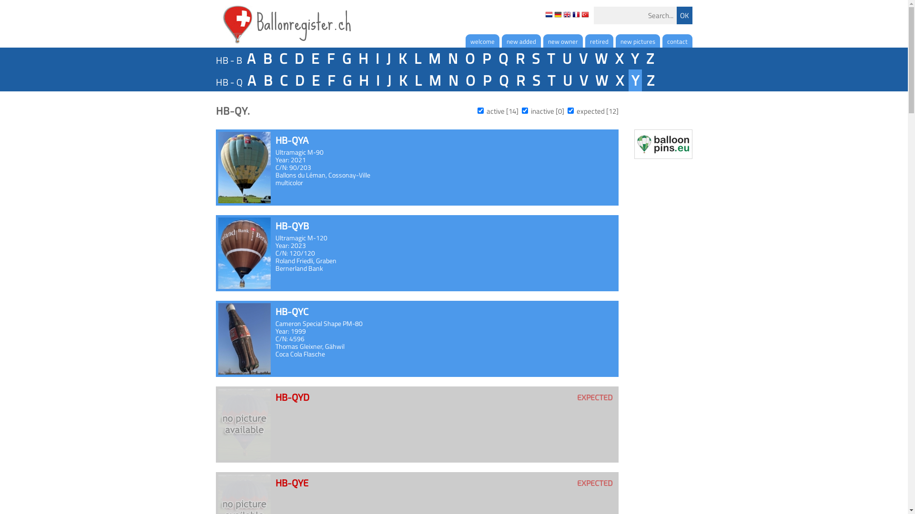 The height and width of the screenshot is (514, 915). Describe the element at coordinates (535, 59) in the screenshot. I see `'S'` at that location.